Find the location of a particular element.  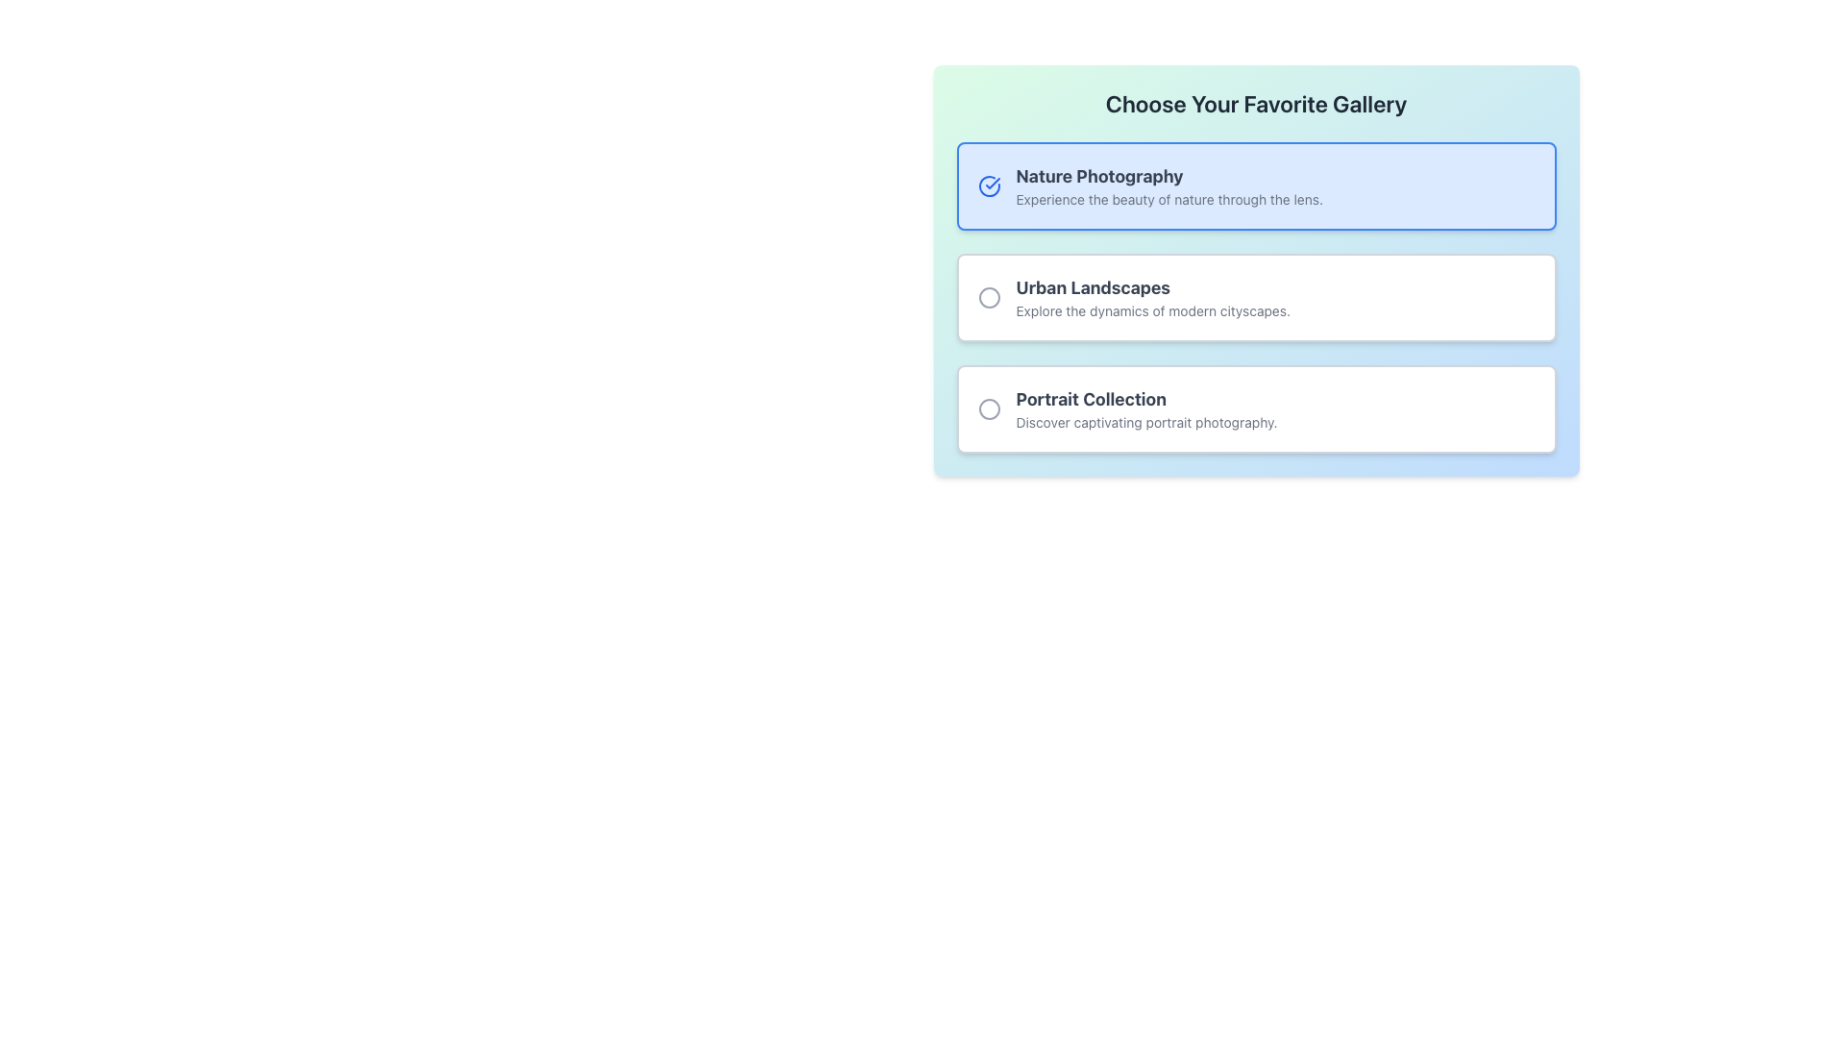

the visual confirmation by focusing on the checkmark icon that indicates 'Nature Photography' has been selected. This checkmark is located within a circular icon at the top-left of the selection item is located at coordinates (992, 184).